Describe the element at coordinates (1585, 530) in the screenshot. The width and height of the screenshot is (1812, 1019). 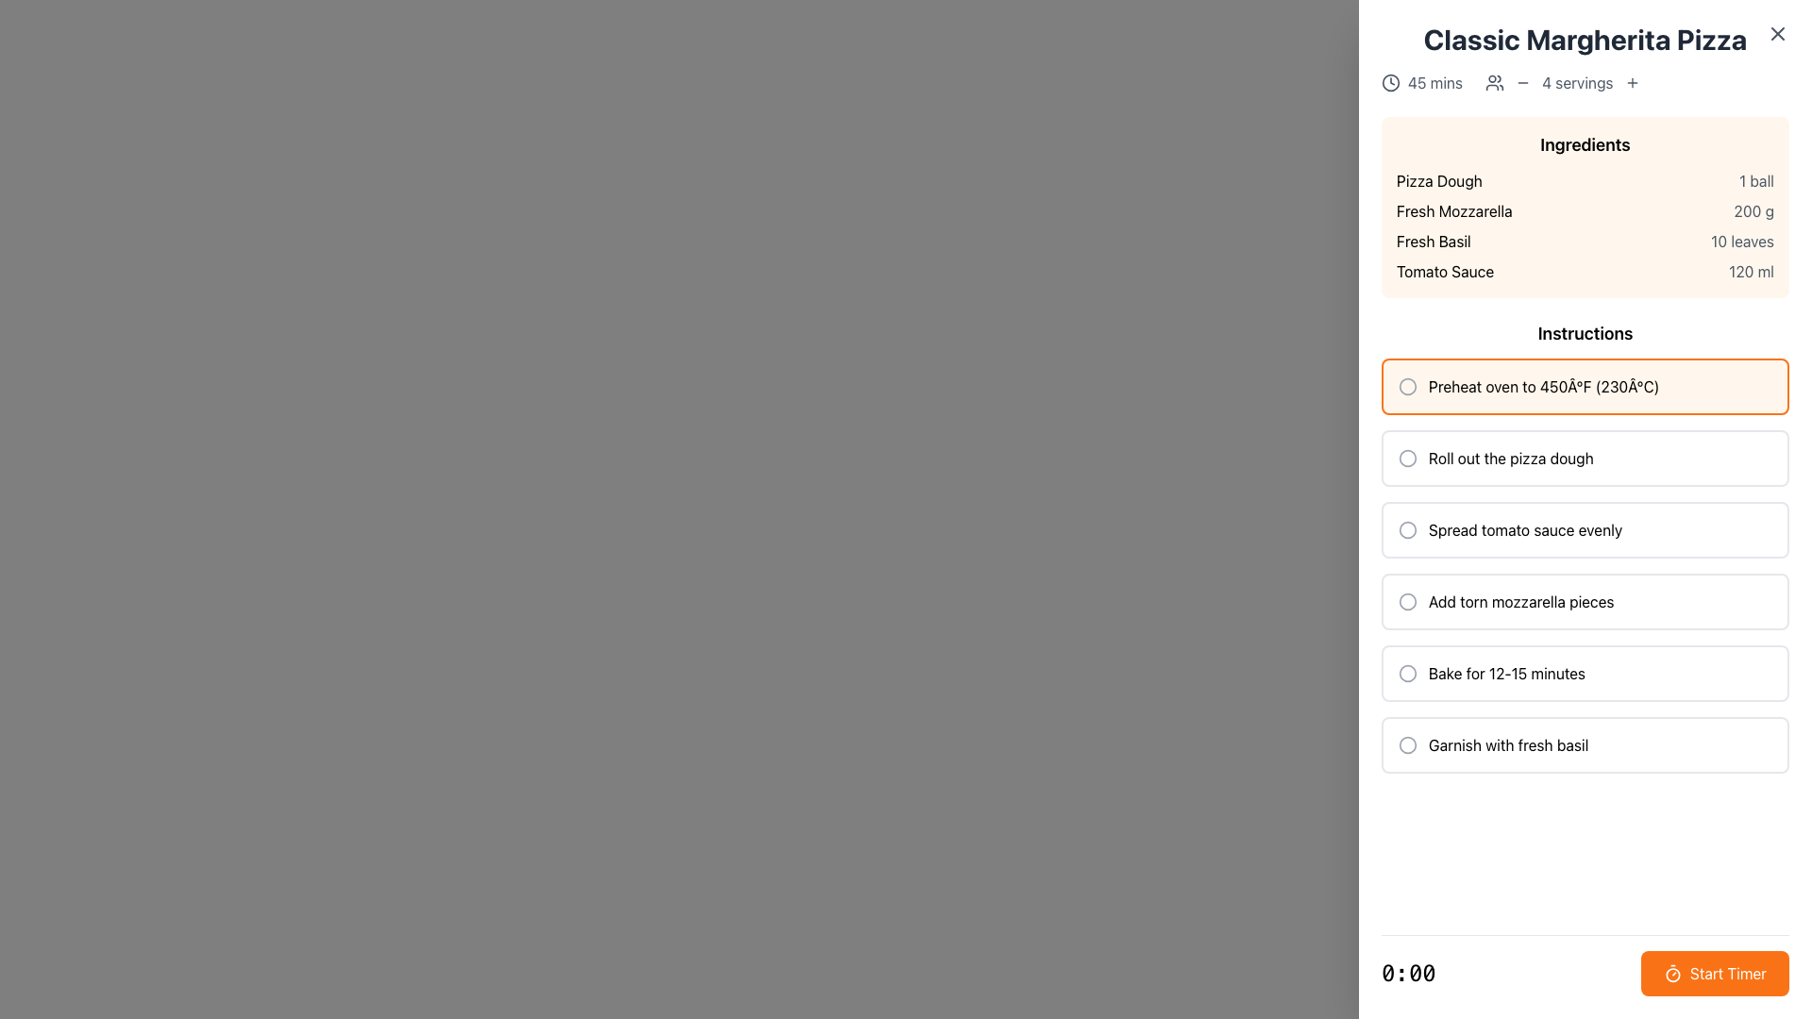
I see `the list item labeled 'Spread tomato sauce evenly', which includes a circular icon on the left side` at that location.